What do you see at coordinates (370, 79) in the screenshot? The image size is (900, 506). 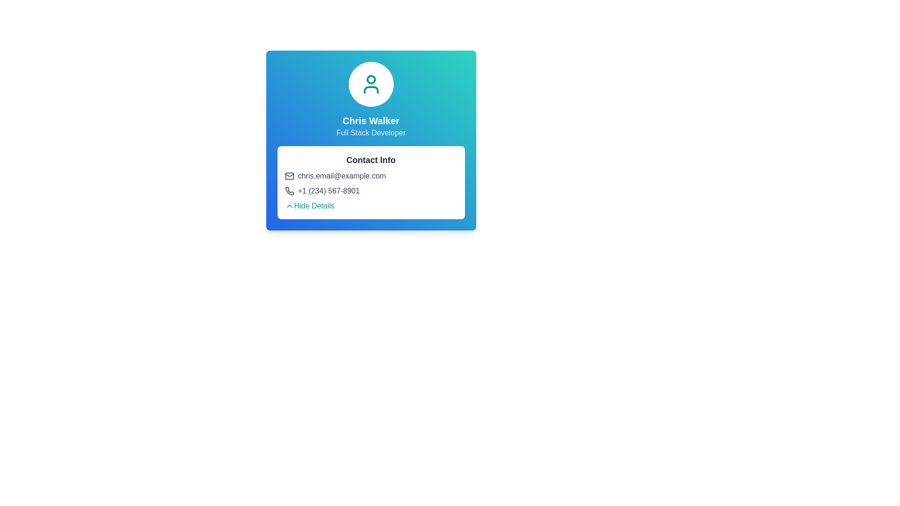 I see `the graphical component that forms a facial characteristic in the profile illustration, located centrally within the top rounded area of the card above the name 'Chris Walker'` at bounding box center [370, 79].